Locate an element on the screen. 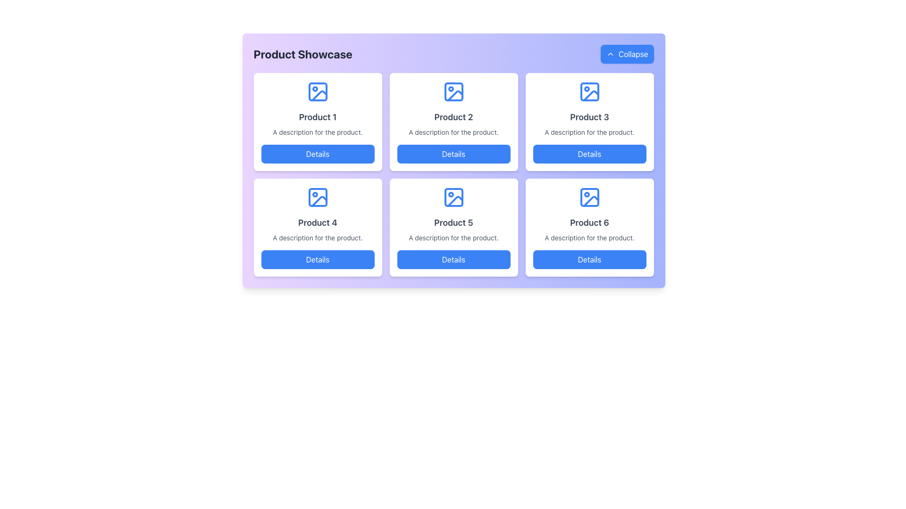 The width and height of the screenshot is (906, 509). the SVG rectangle element located at the bottom-right corner of the 'Product 6' icon, which serves an informational or decorative purpose is located at coordinates (589, 197).